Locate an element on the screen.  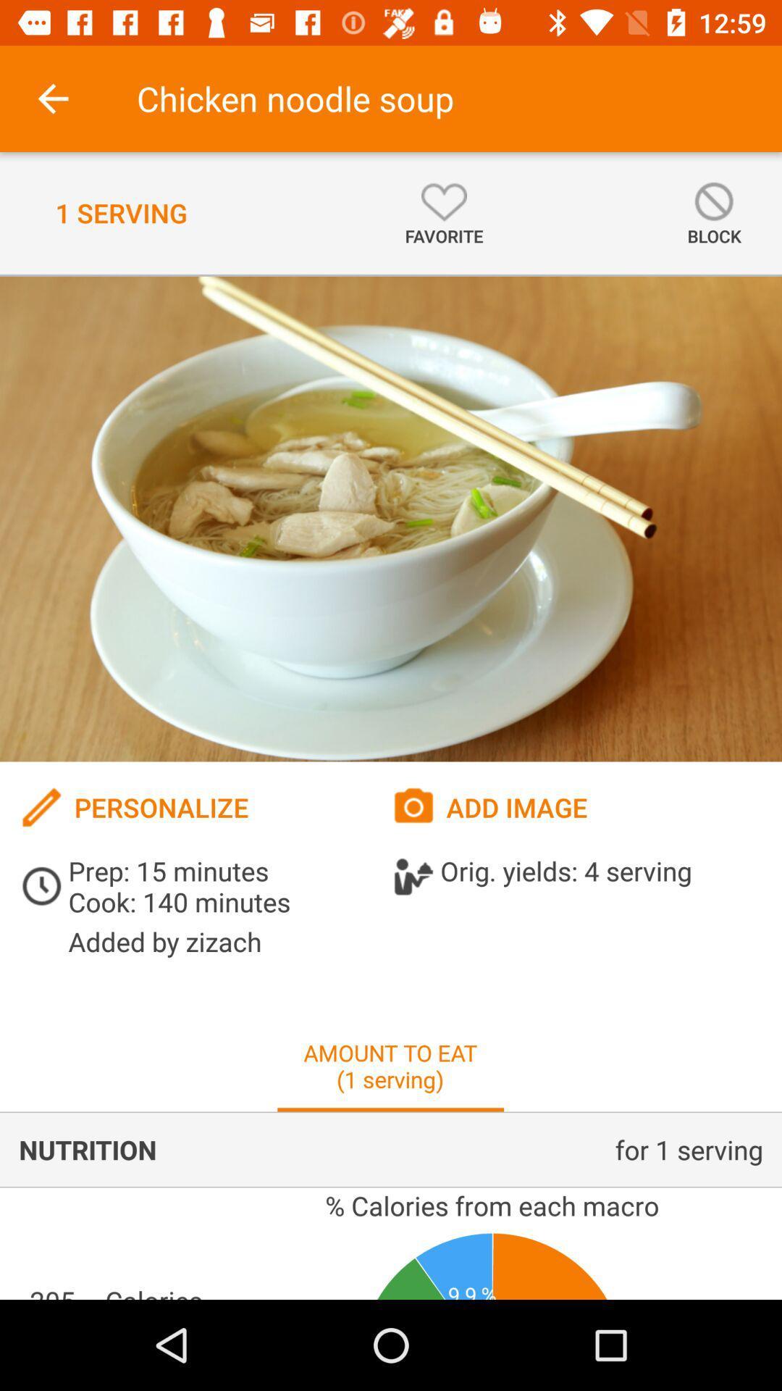
the icon next to chicken noodle soup icon is located at coordinates (52, 98).